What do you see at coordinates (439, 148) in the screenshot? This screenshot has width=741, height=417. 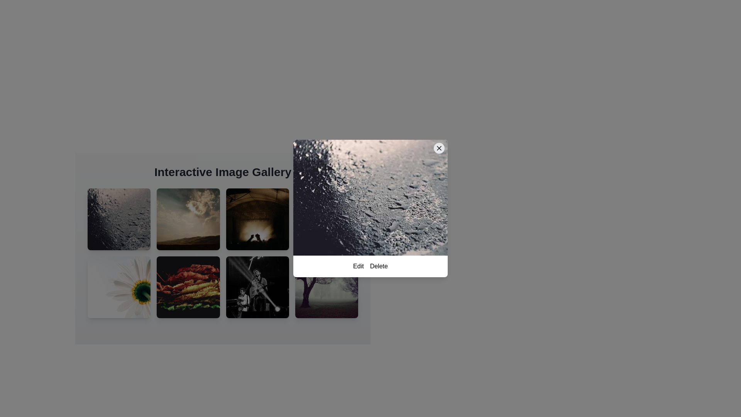 I see `the close icon located at the top-right corner of the floating modal` at bounding box center [439, 148].